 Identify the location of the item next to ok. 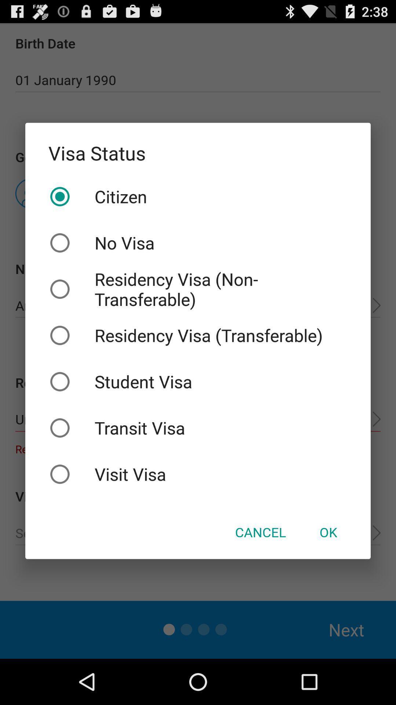
(260, 532).